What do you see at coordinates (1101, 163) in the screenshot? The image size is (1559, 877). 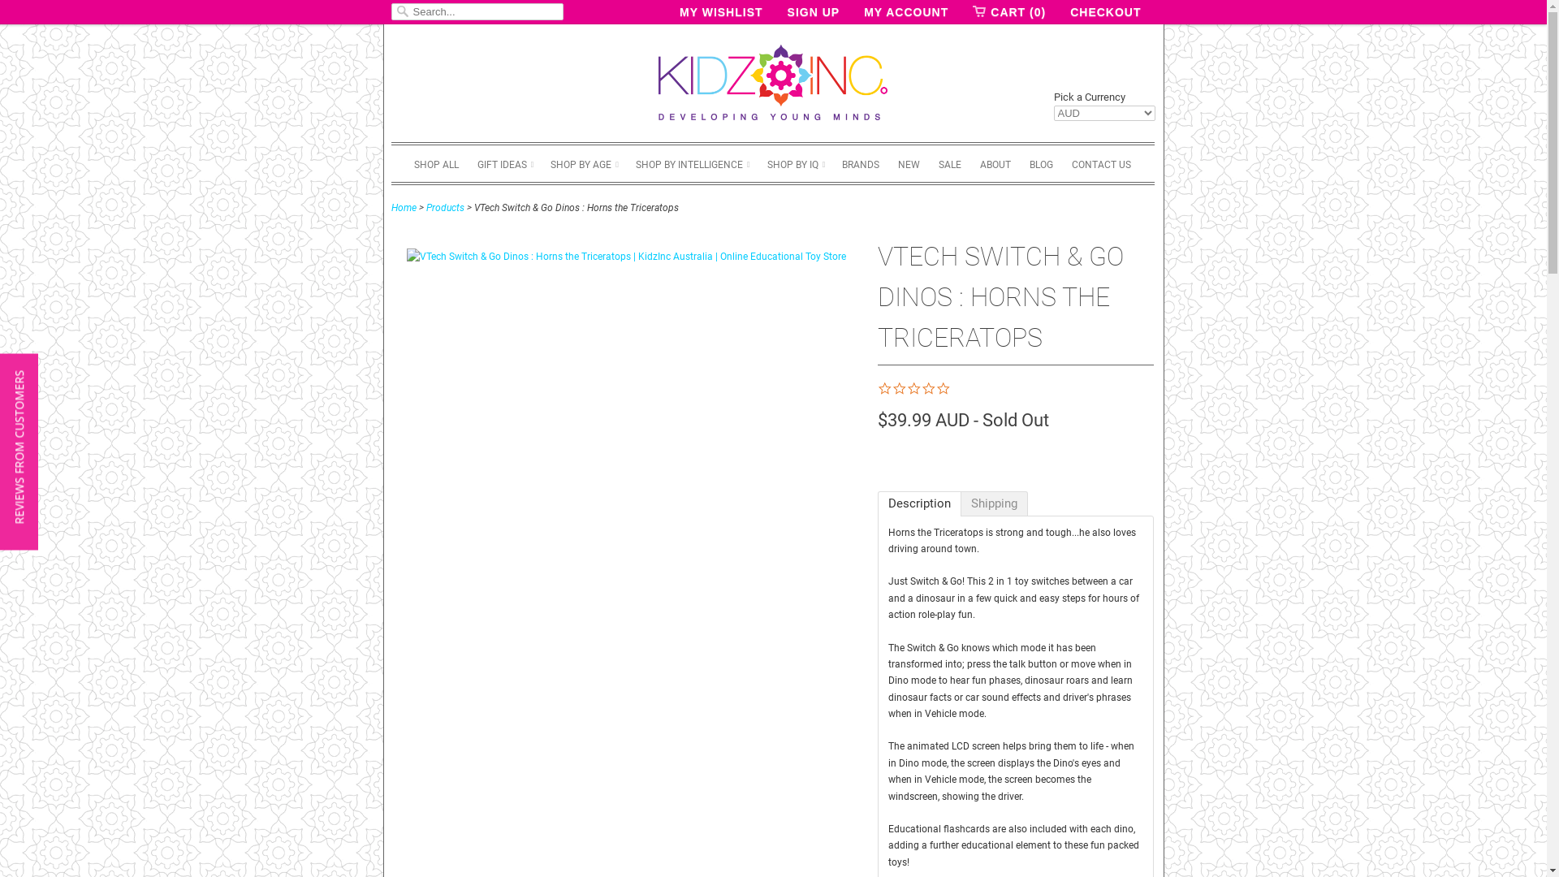 I see `'CONTACT US'` at bounding box center [1101, 163].